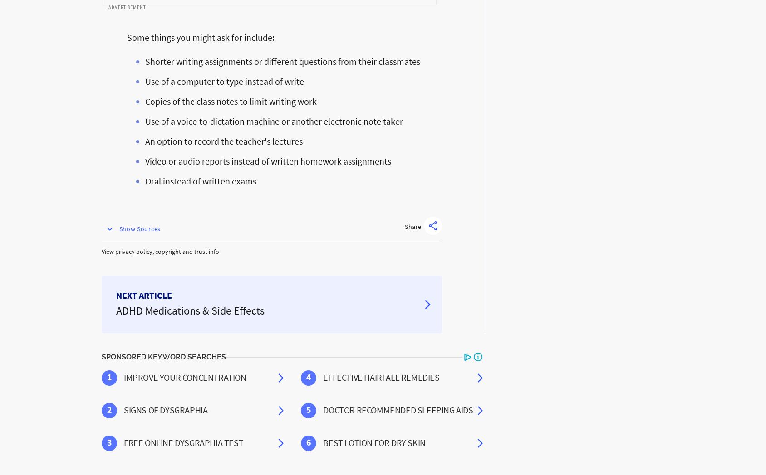 The image size is (766, 475). Describe the element at coordinates (223, 141) in the screenshot. I see `'An option to record the teacher's lectures'` at that location.